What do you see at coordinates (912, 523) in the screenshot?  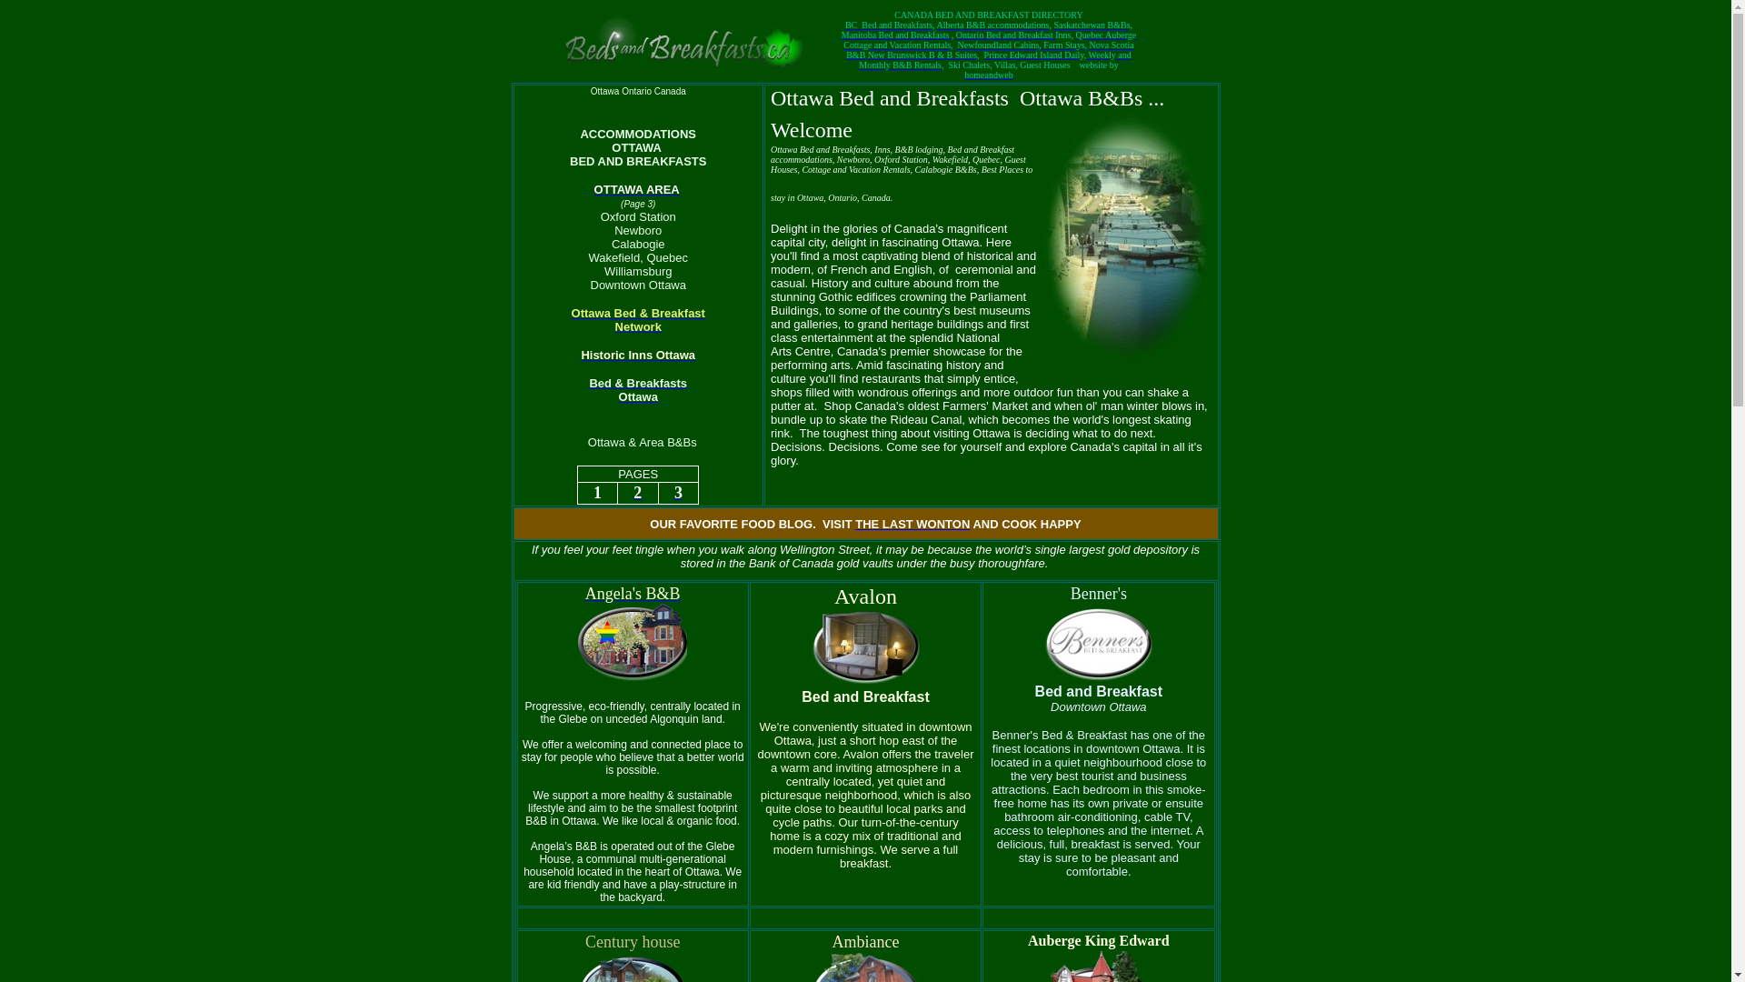 I see `'THE LAST WONTON'` at bounding box center [912, 523].